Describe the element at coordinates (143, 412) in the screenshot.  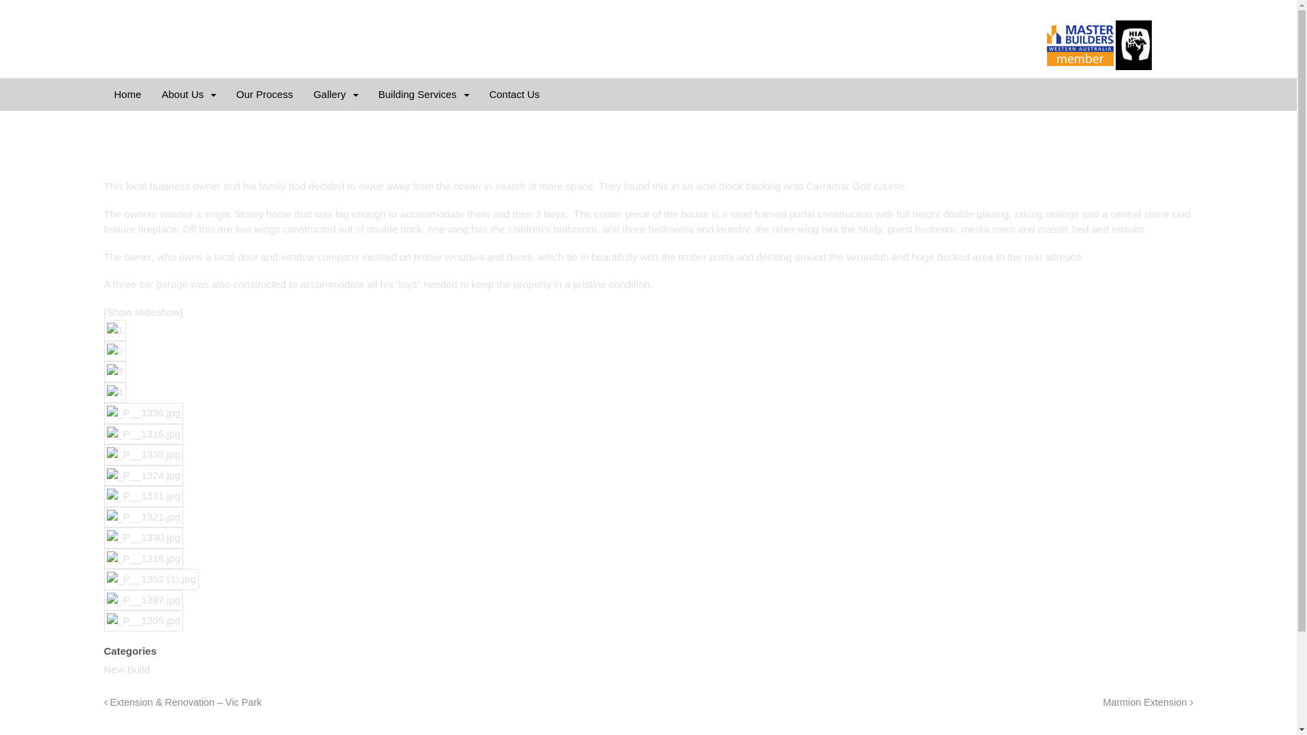
I see `'_P__1336.jpg'` at that location.